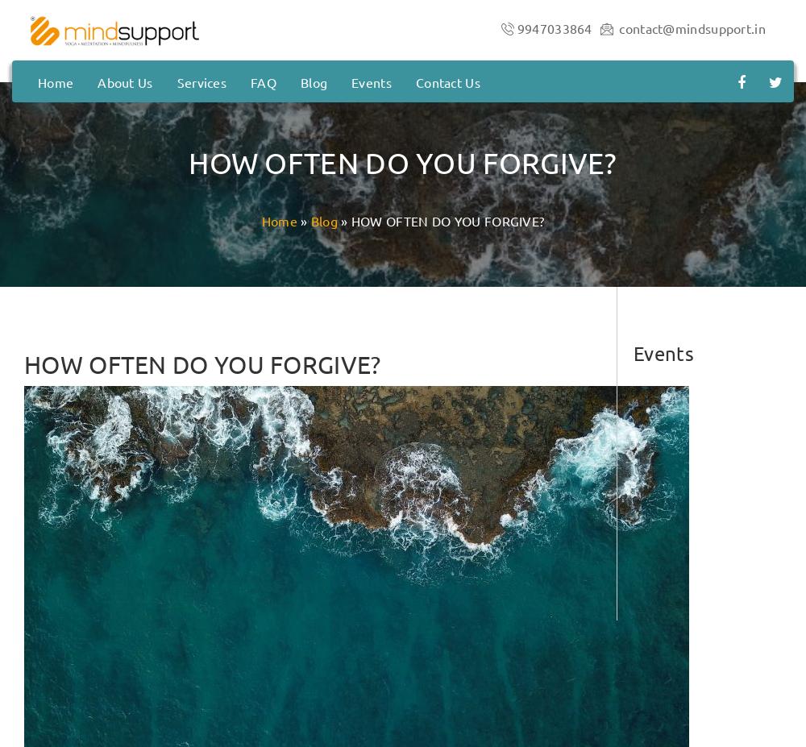  What do you see at coordinates (262, 81) in the screenshot?
I see `'FAQ'` at bounding box center [262, 81].